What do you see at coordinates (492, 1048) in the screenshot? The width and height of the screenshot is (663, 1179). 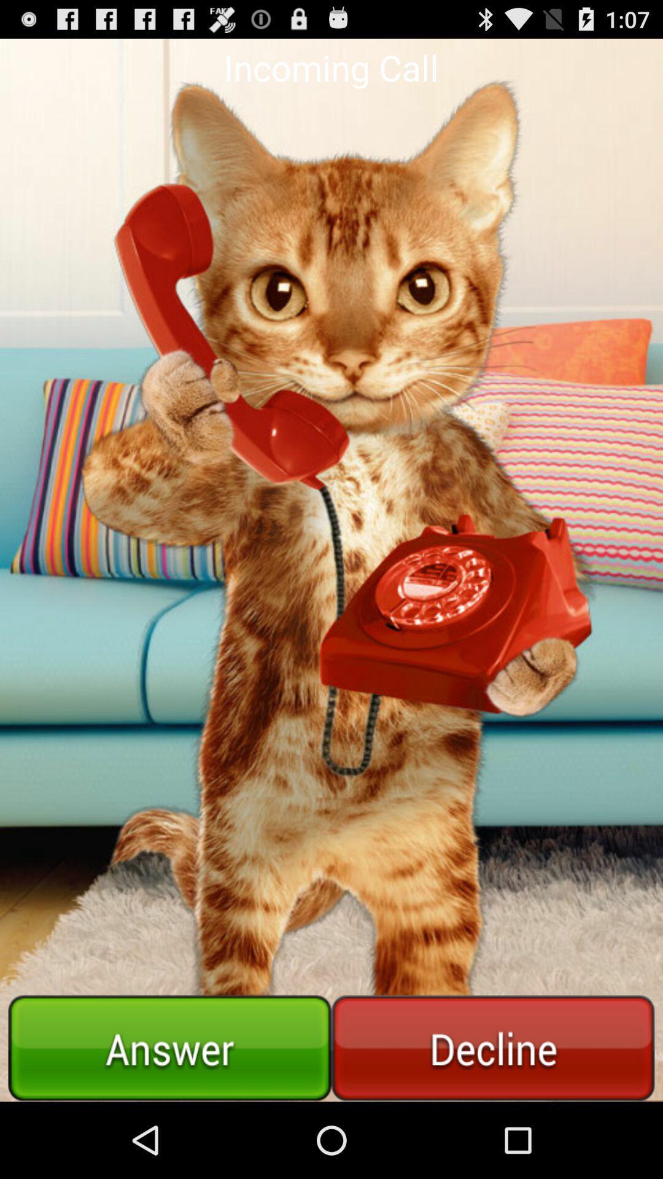 I see `call decline button` at bounding box center [492, 1048].